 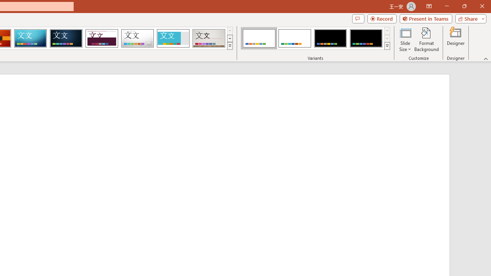 What do you see at coordinates (137, 38) in the screenshot?
I see `'Droplet Loading Preview...'` at bounding box center [137, 38].